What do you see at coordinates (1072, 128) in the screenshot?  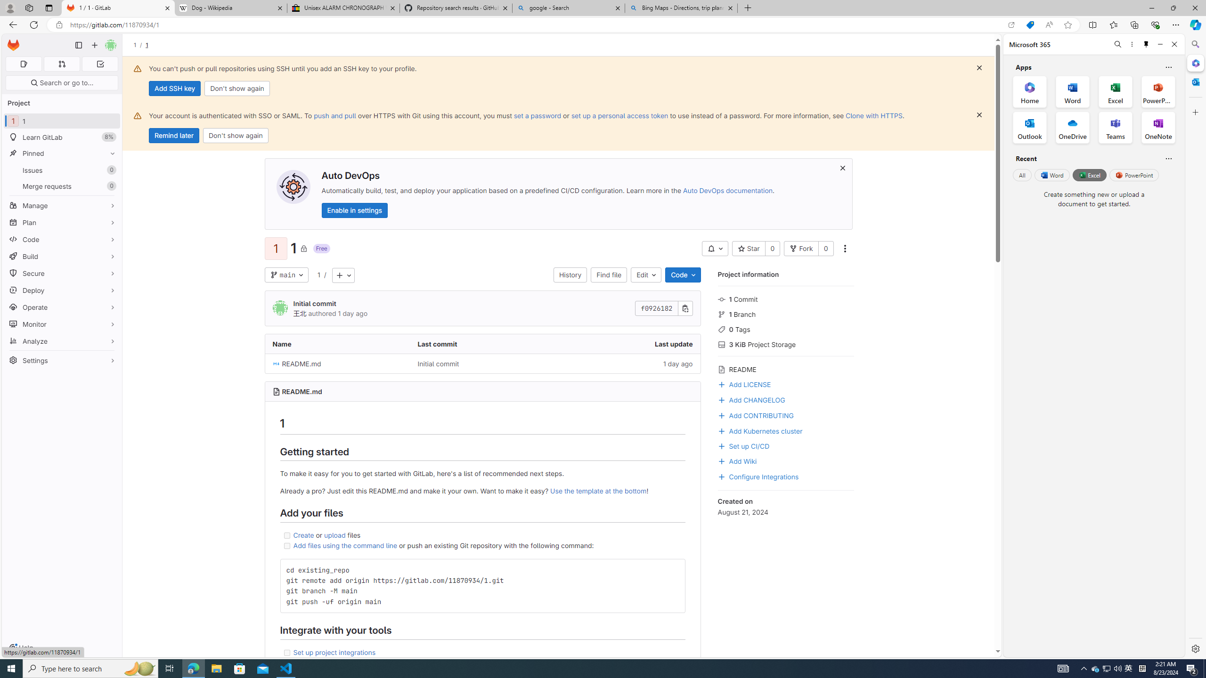 I see `'OneDrive Office App'` at bounding box center [1072, 128].